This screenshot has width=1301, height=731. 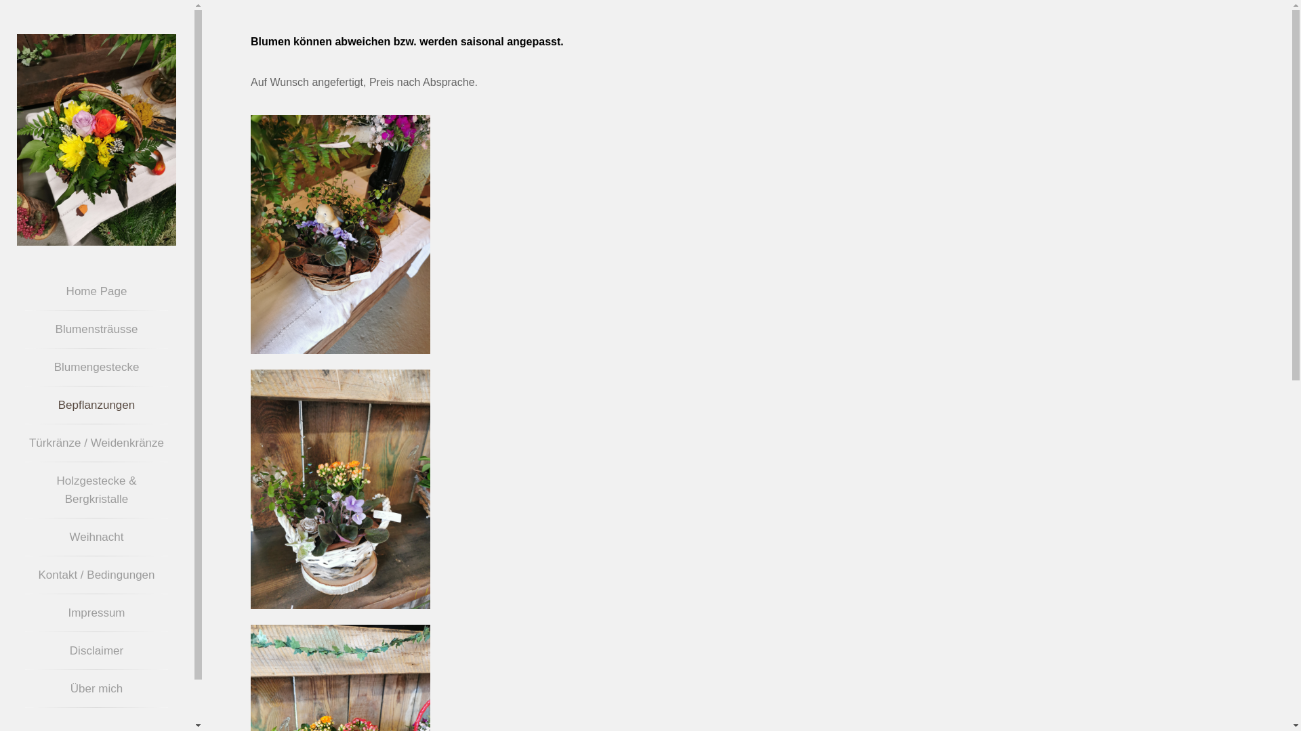 What do you see at coordinates (16, 613) in the screenshot?
I see `'Impressum'` at bounding box center [16, 613].